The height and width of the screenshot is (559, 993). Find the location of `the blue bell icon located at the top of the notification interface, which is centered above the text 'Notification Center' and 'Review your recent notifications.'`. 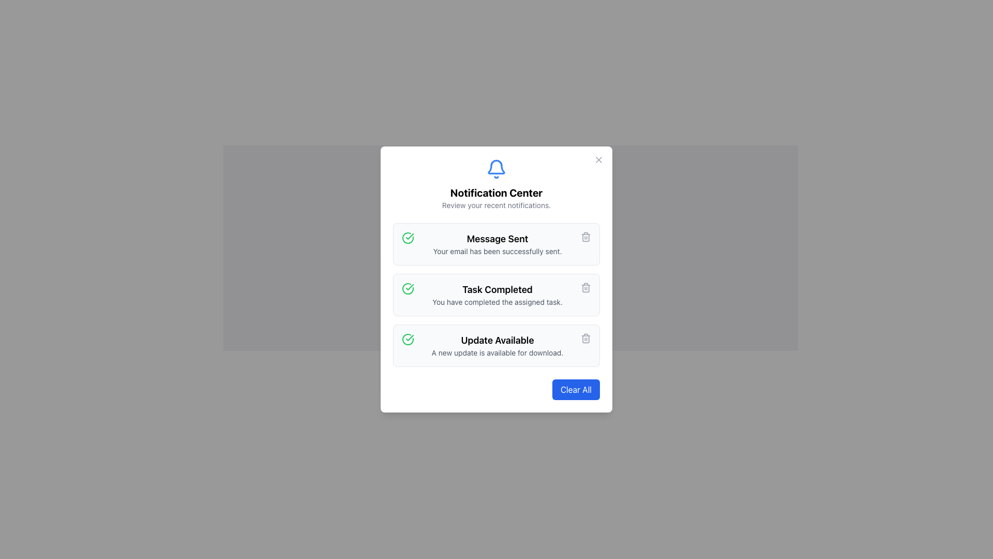

the blue bell icon located at the top of the notification interface, which is centered above the text 'Notification Center' and 'Review your recent notifications.' is located at coordinates (496, 169).